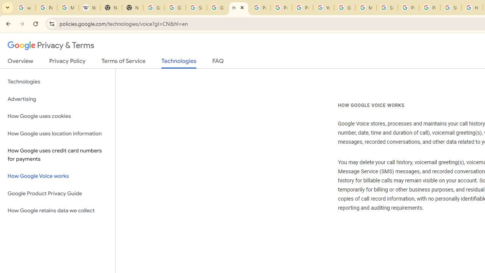  What do you see at coordinates (57, 210) in the screenshot?
I see `'How Google retains data we collect'` at bounding box center [57, 210].